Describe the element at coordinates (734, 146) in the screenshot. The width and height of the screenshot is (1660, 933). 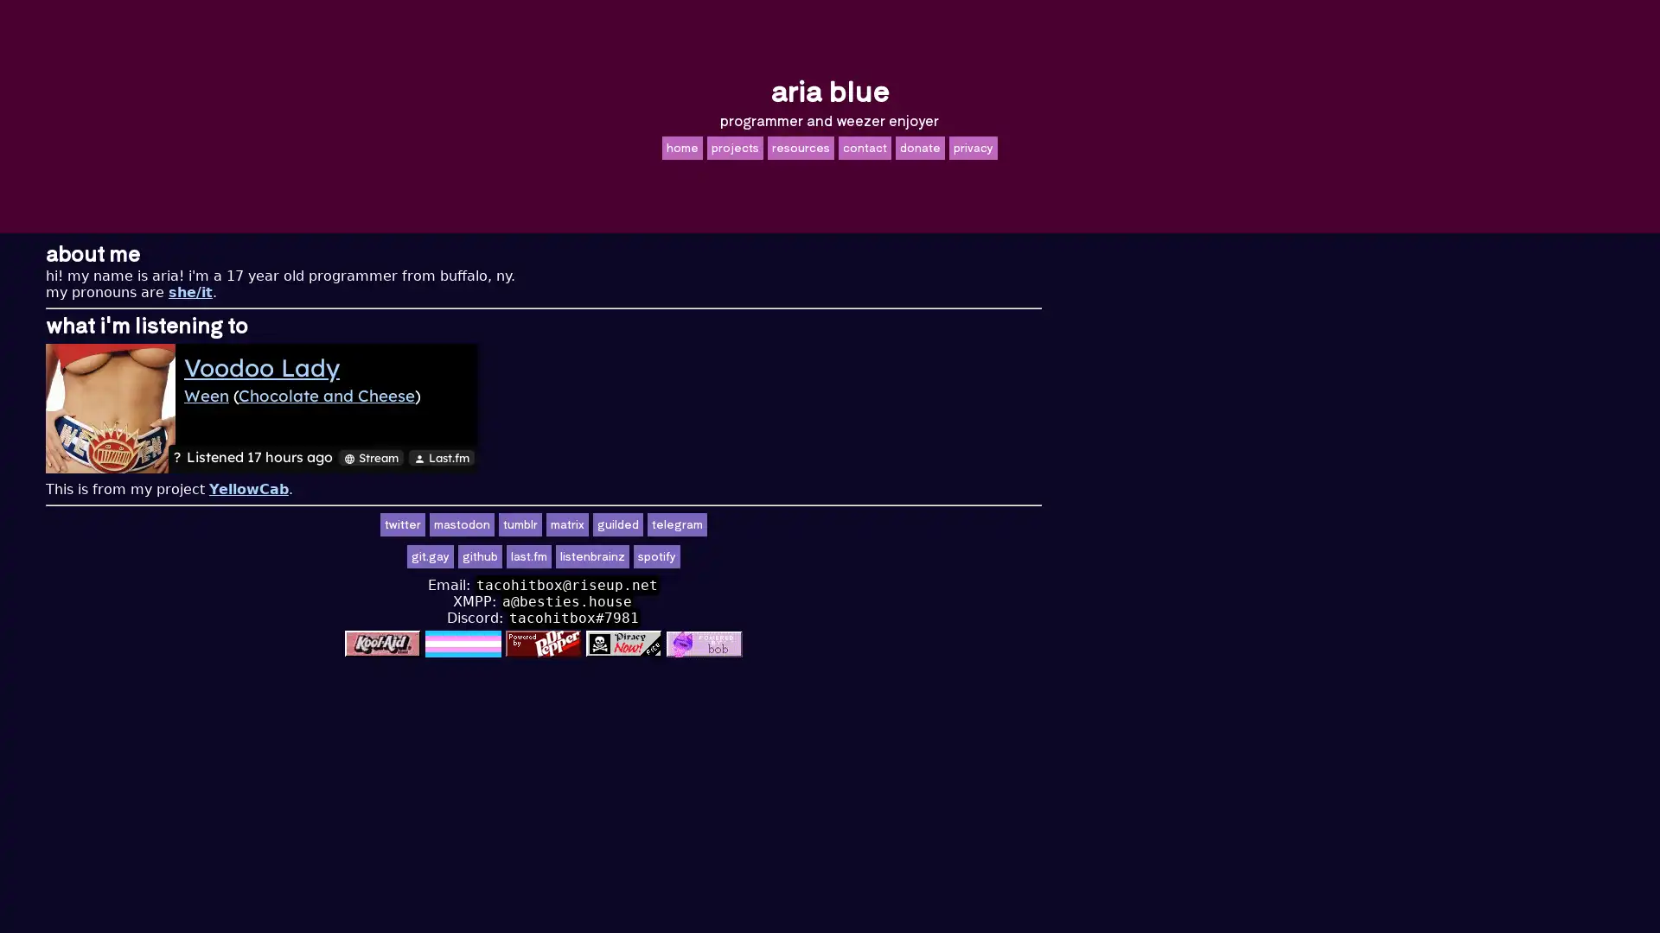
I see `projects` at that location.